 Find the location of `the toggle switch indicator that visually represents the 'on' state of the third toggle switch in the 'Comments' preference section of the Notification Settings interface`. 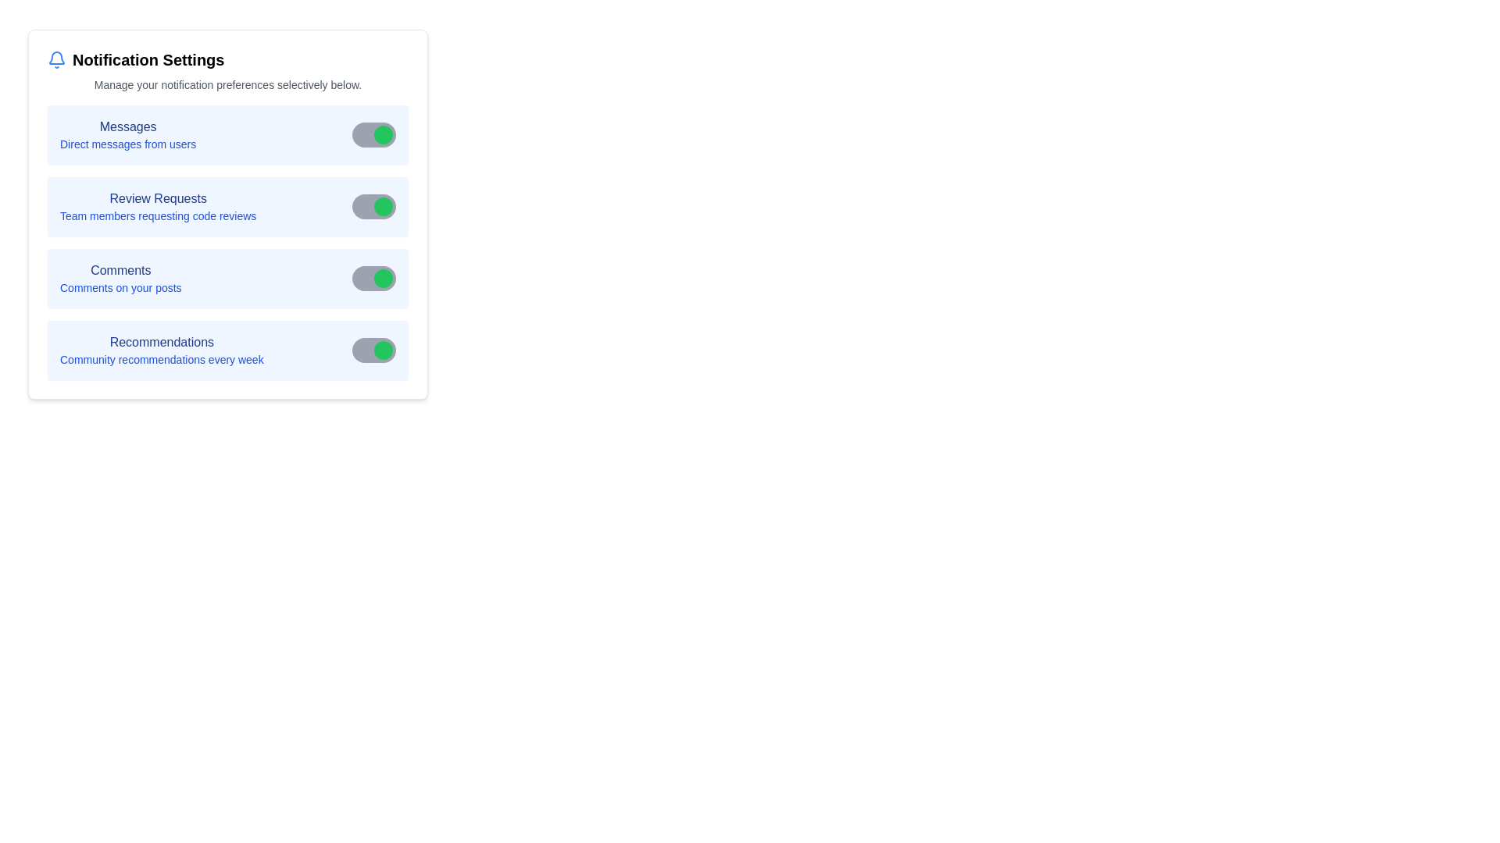

the toggle switch indicator that visually represents the 'on' state of the third toggle switch in the 'Comments' preference section of the Notification Settings interface is located at coordinates (383, 278).